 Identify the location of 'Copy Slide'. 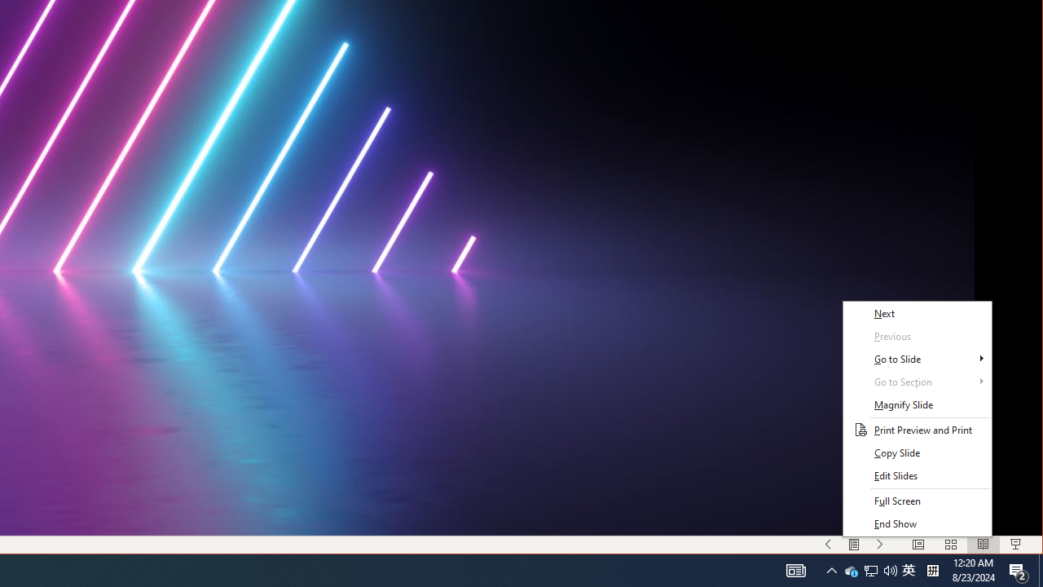
(917, 453).